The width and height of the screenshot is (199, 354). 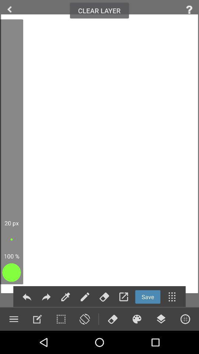 I want to click on share, so click(x=27, y=297).